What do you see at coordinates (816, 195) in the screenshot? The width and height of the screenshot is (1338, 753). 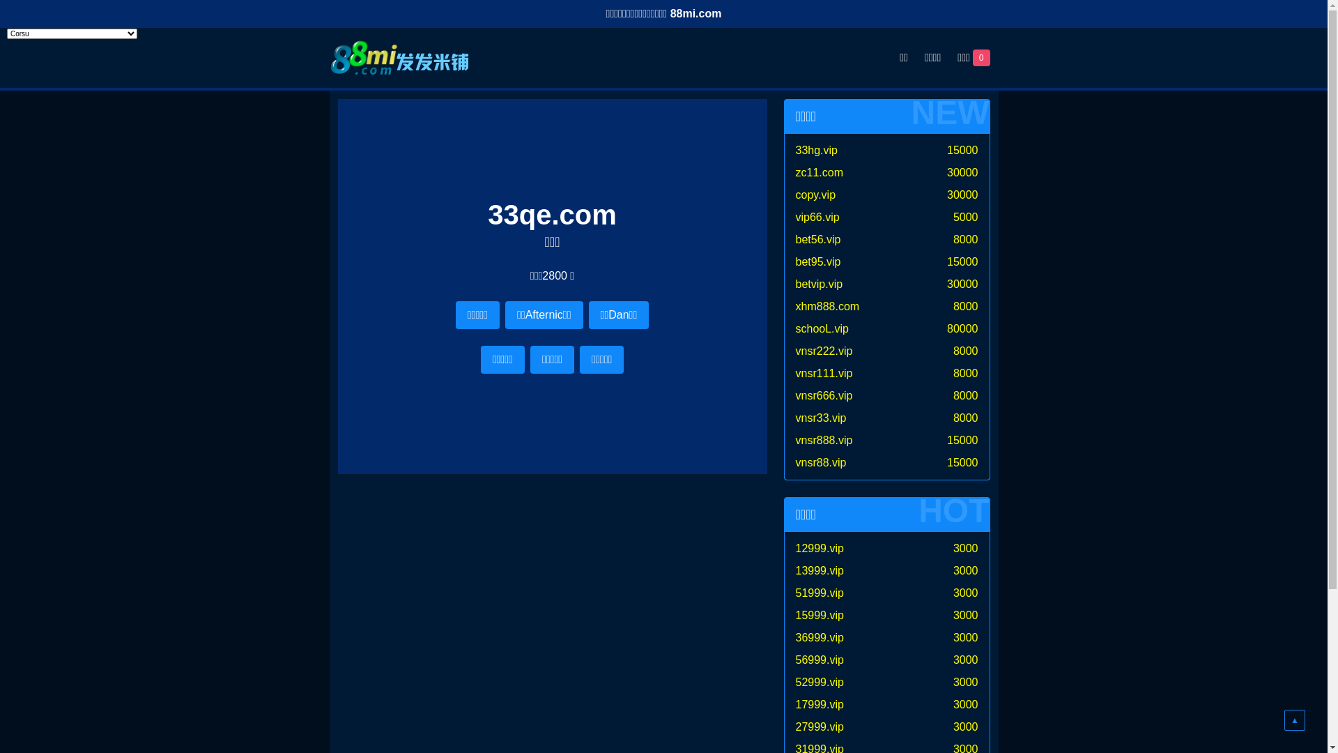 I see `'copy.vip'` at bounding box center [816, 195].